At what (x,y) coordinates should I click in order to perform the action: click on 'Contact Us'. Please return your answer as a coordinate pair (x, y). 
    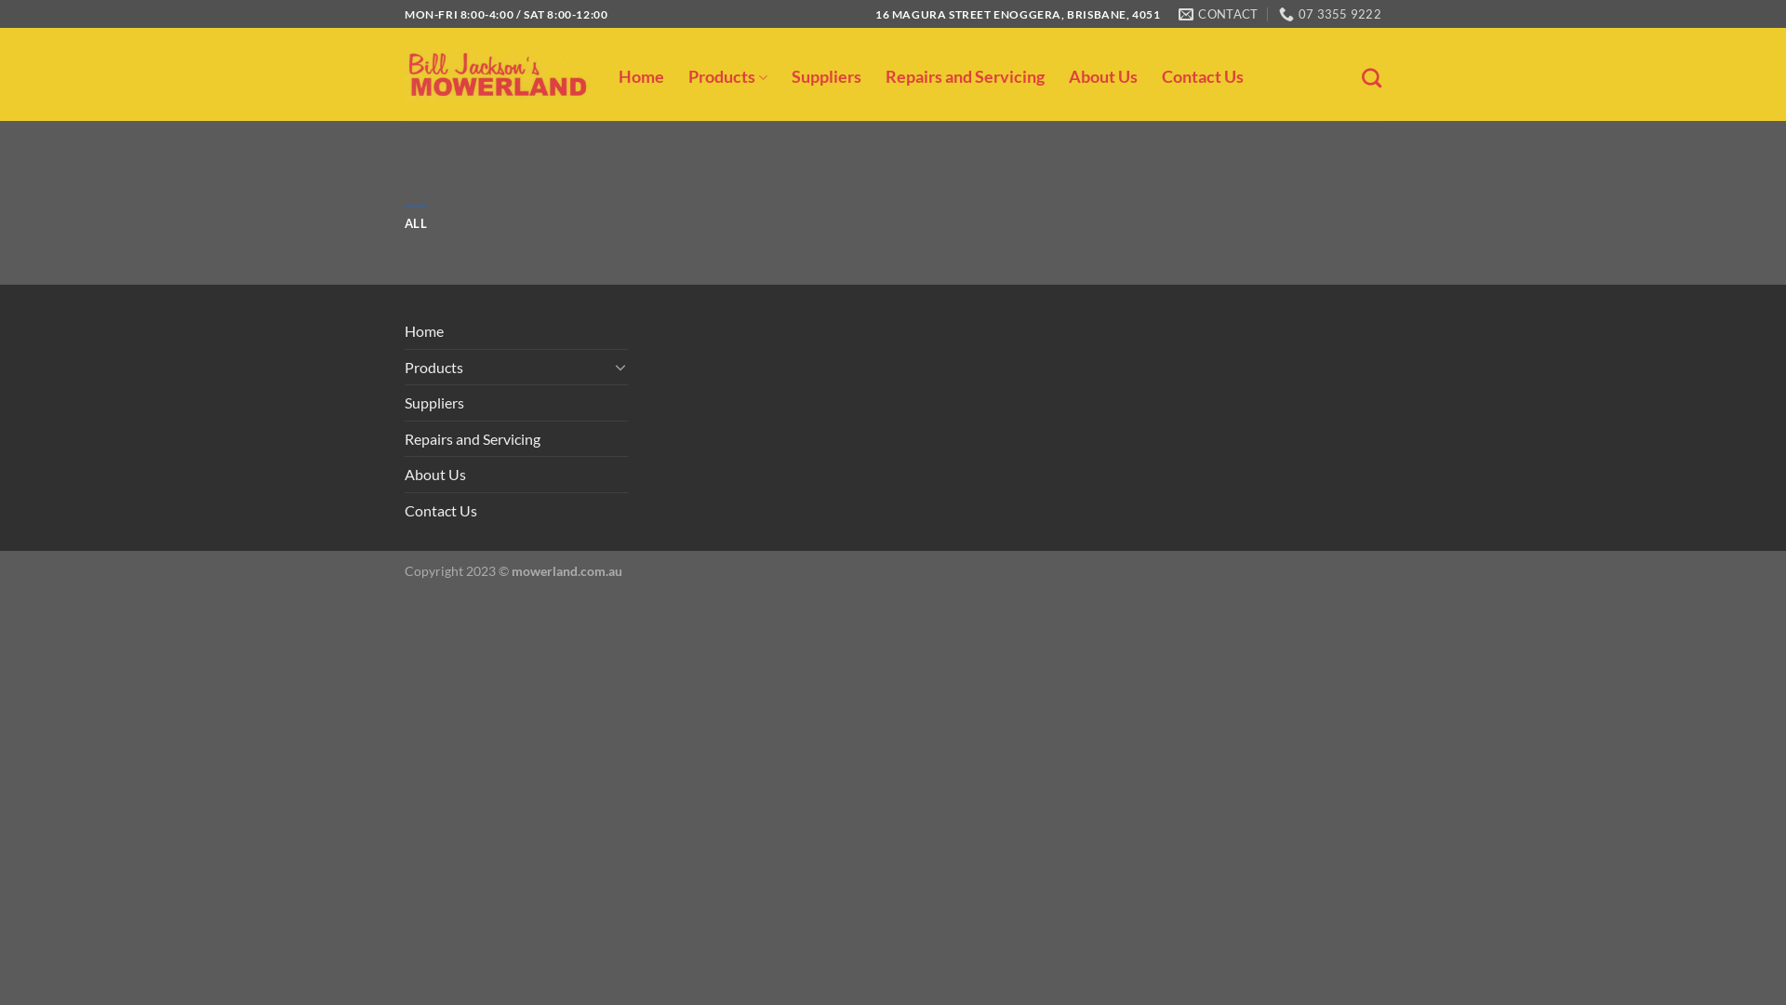
    Looking at the image, I should click on (440, 510).